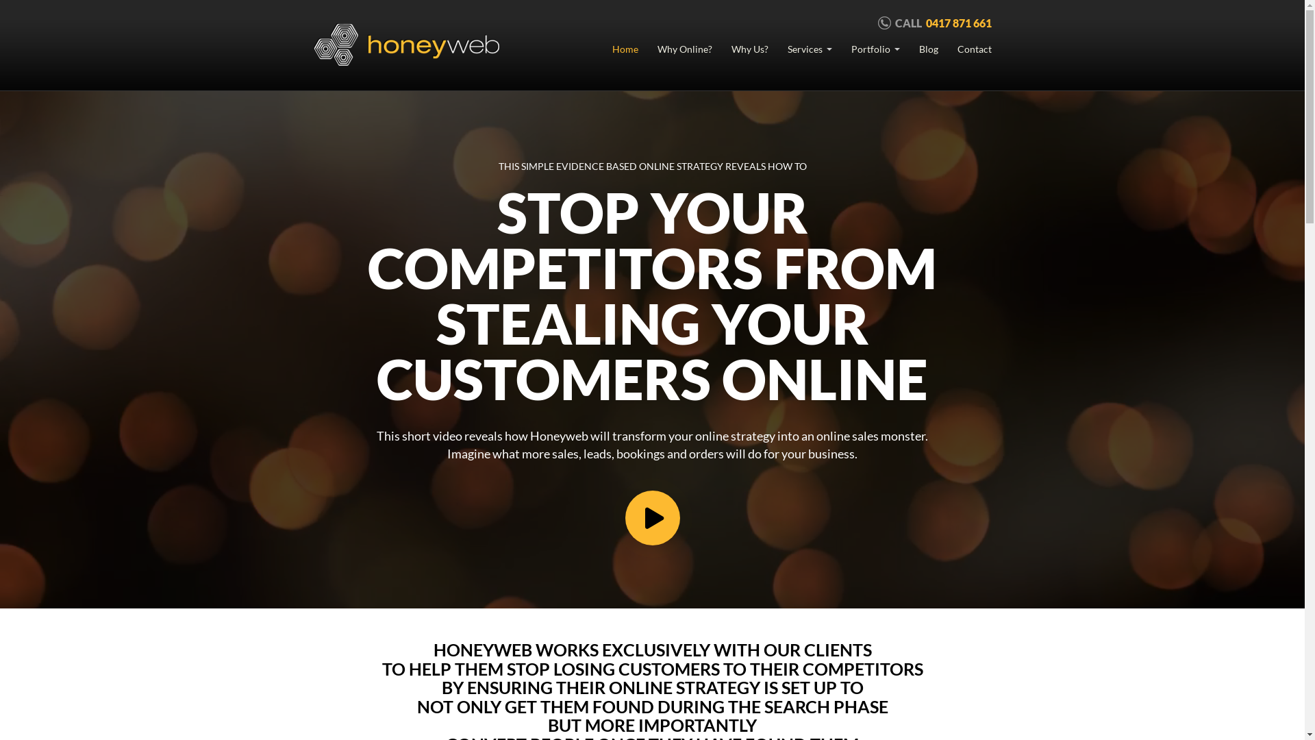 Image resolution: width=1315 pixels, height=740 pixels. Describe the element at coordinates (874, 49) in the screenshot. I see `'Portfolio'` at that location.